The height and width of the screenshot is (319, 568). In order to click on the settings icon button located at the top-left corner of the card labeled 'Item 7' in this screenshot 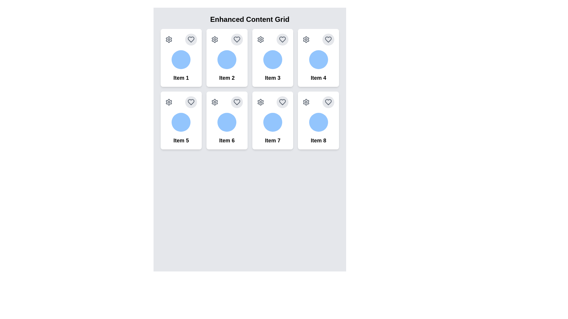, I will do `click(260, 102)`.